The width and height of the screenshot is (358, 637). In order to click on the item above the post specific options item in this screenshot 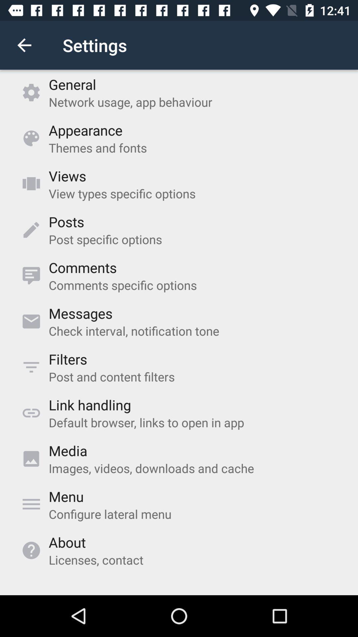, I will do `click(66, 222)`.